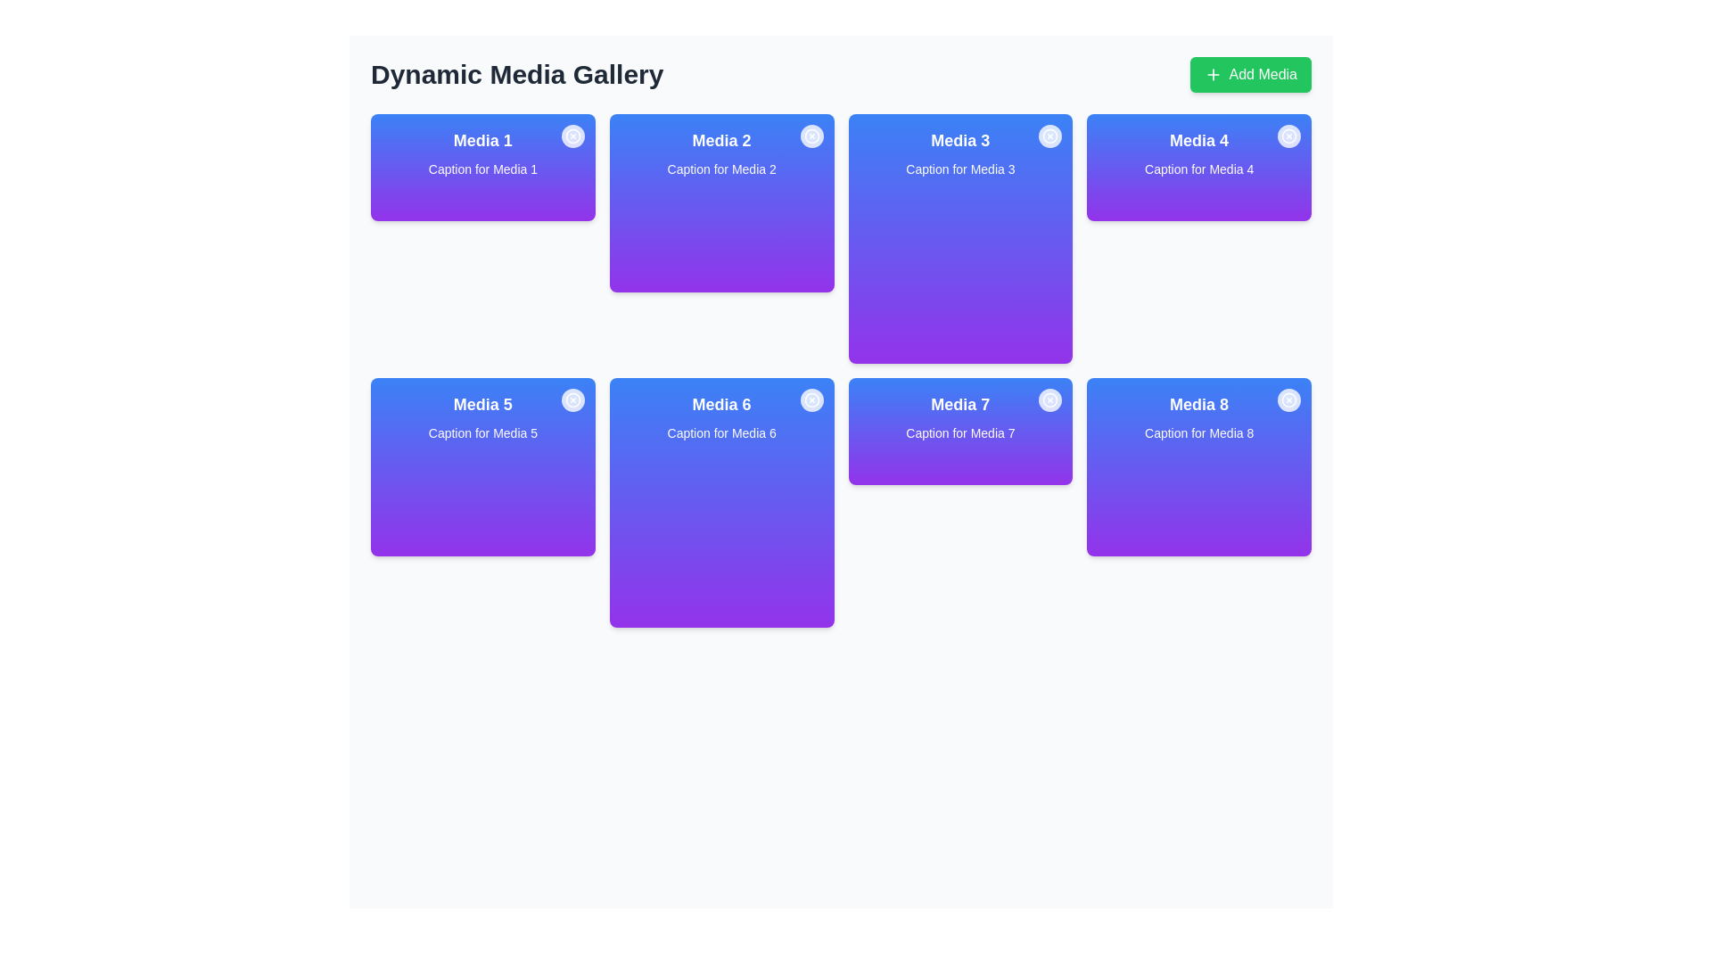 The width and height of the screenshot is (1712, 963). Describe the element at coordinates (482, 405) in the screenshot. I see `text label at the center-top area of the 'Media 5' card, which serves as a heading identifying the content of the card` at that location.